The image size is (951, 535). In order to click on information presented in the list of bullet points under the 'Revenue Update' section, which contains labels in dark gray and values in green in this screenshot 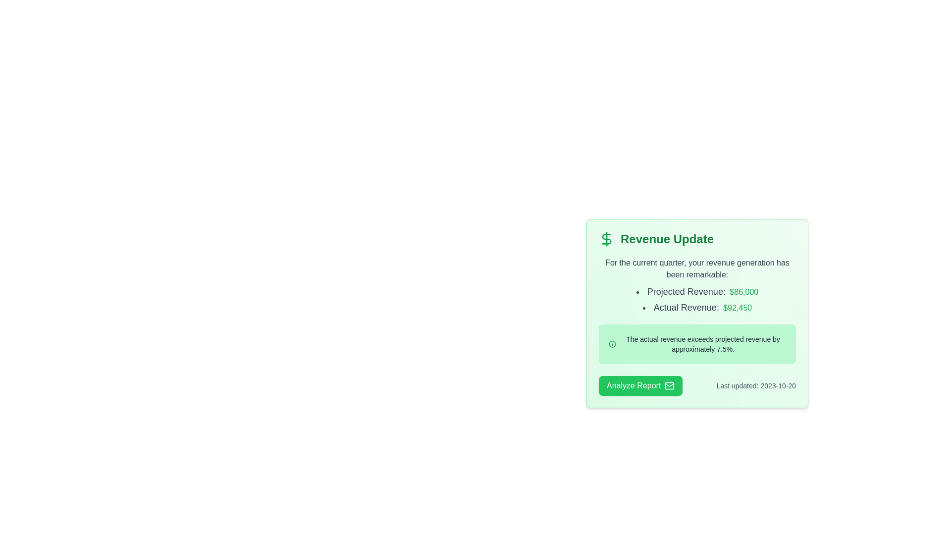, I will do `click(696, 299)`.